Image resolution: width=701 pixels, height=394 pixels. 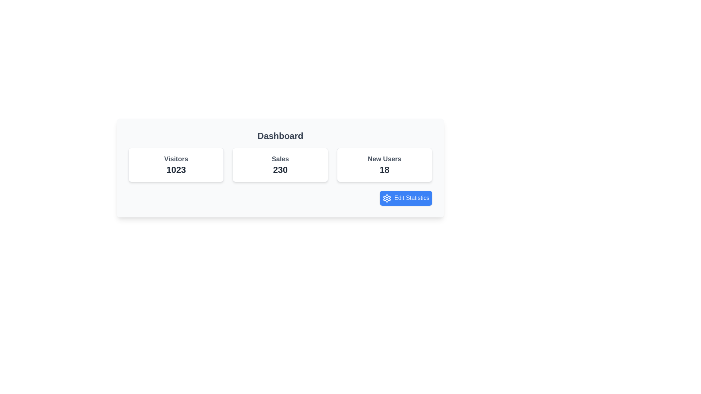 What do you see at coordinates (176, 170) in the screenshot?
I see `numerical statistic displayed in the text element located underneath 'Visitors' in the leftmost card of the dashboard layout` at bounding box center [176, 170].